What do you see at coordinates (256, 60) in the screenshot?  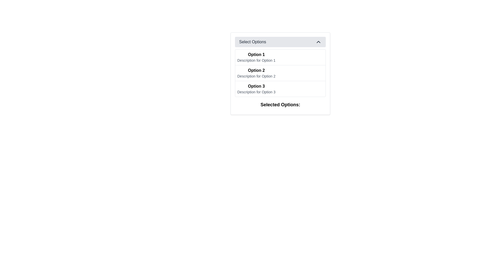 I see `the static text label that provides additional information for 'Option 1' in the dropdown list titled 'Select Options'` at bounding box center [256, 60].